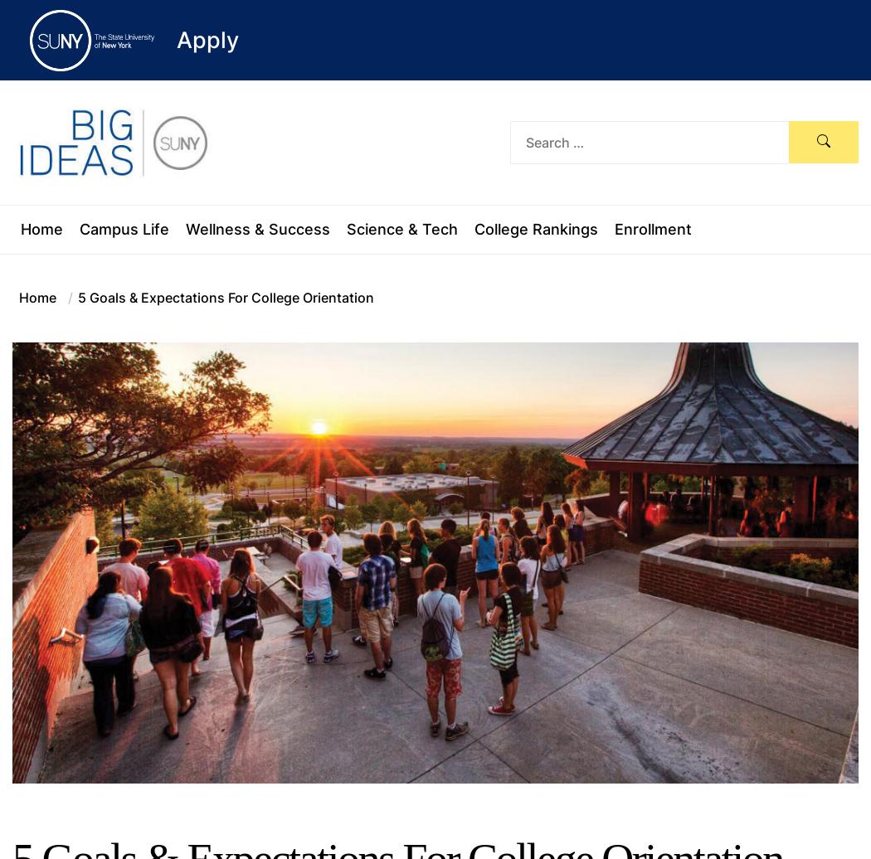 The image size is (871, 859). Describe the element at coordinates (592, 738) in the screenshot. I see `'8 Tips To Help You Adjust to A New Semester On Campus or Online'` at that location.